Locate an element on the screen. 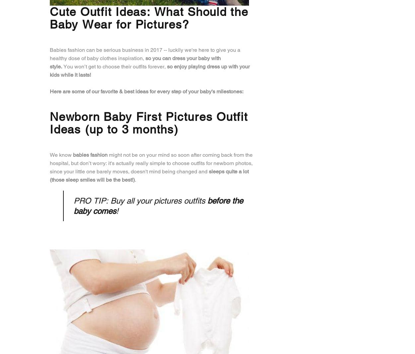  '.' is located at coordinates (135, 179).